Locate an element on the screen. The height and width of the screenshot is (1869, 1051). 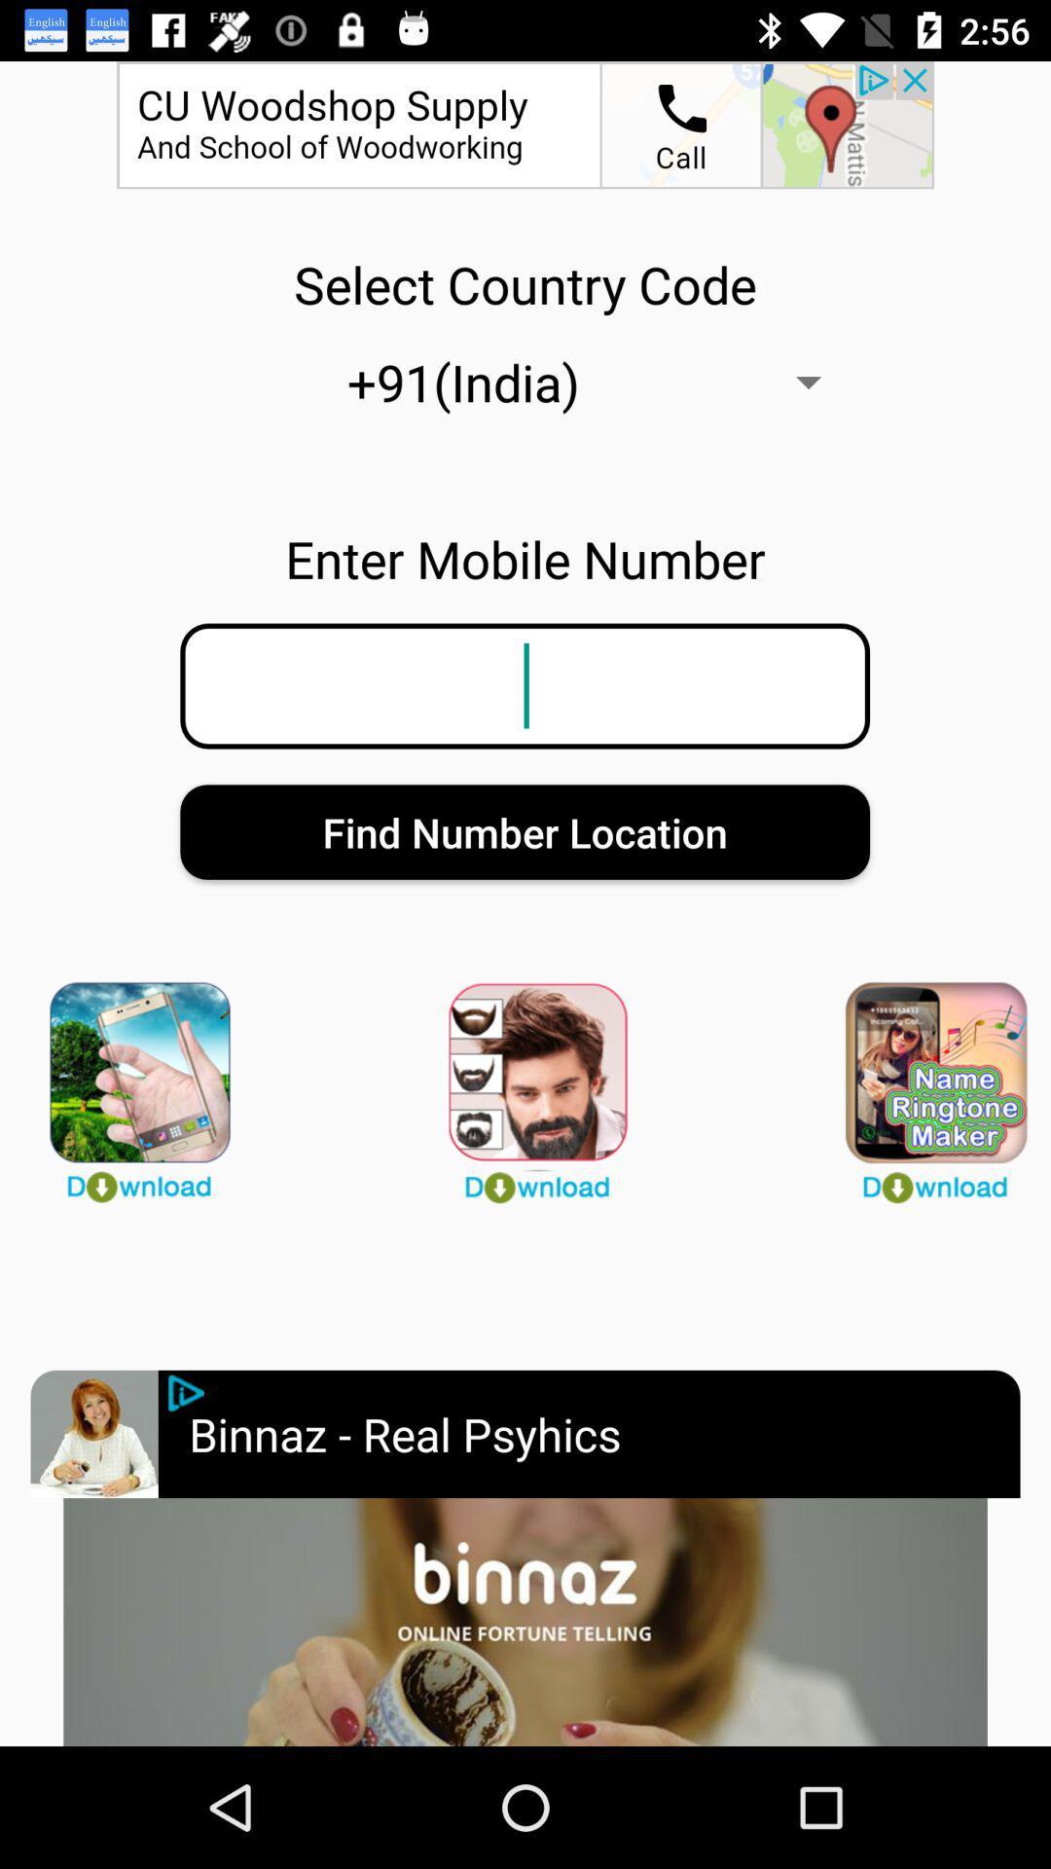
advertisement is located at coordinates (525, 1622).